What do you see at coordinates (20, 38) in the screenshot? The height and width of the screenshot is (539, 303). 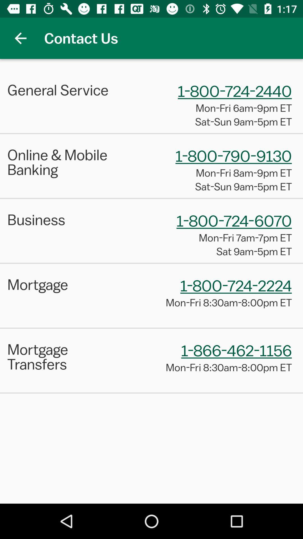 I see `app to the left of the contact us app` at bounding box center [20, 38].